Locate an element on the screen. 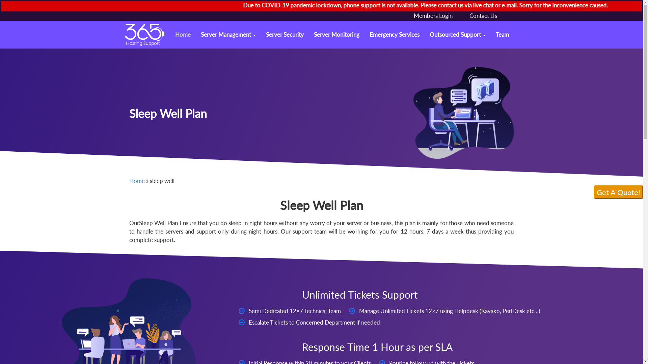  'Server Security' is located at coordinates (285, 35).